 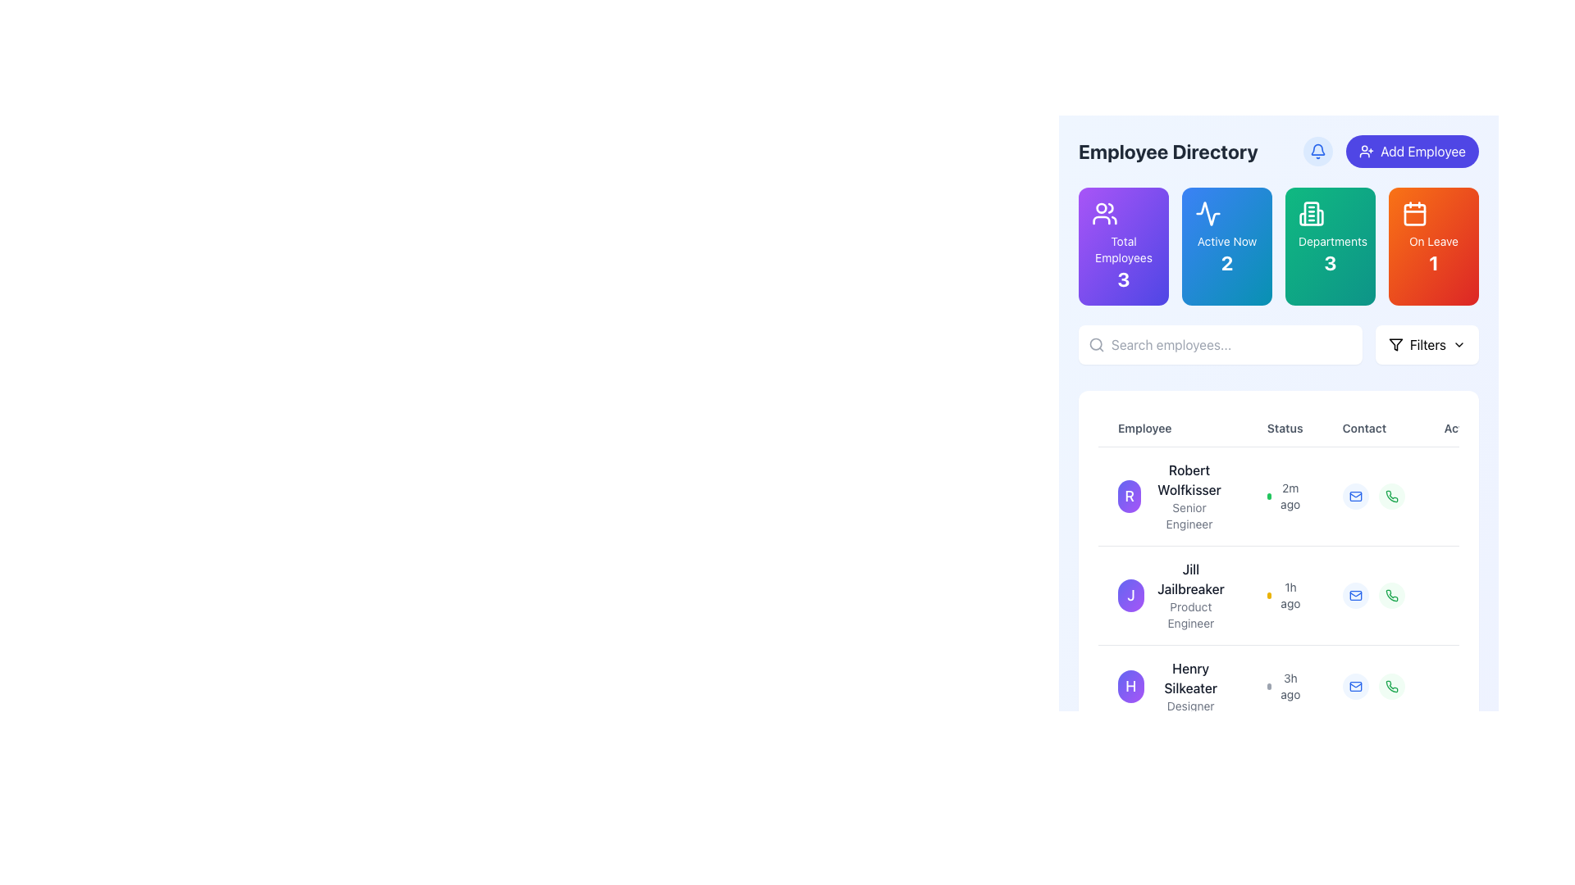 I want to click on the name 'Robert Wolfkisser' in the Profile Summary Block, so click(x=1171, y=495).